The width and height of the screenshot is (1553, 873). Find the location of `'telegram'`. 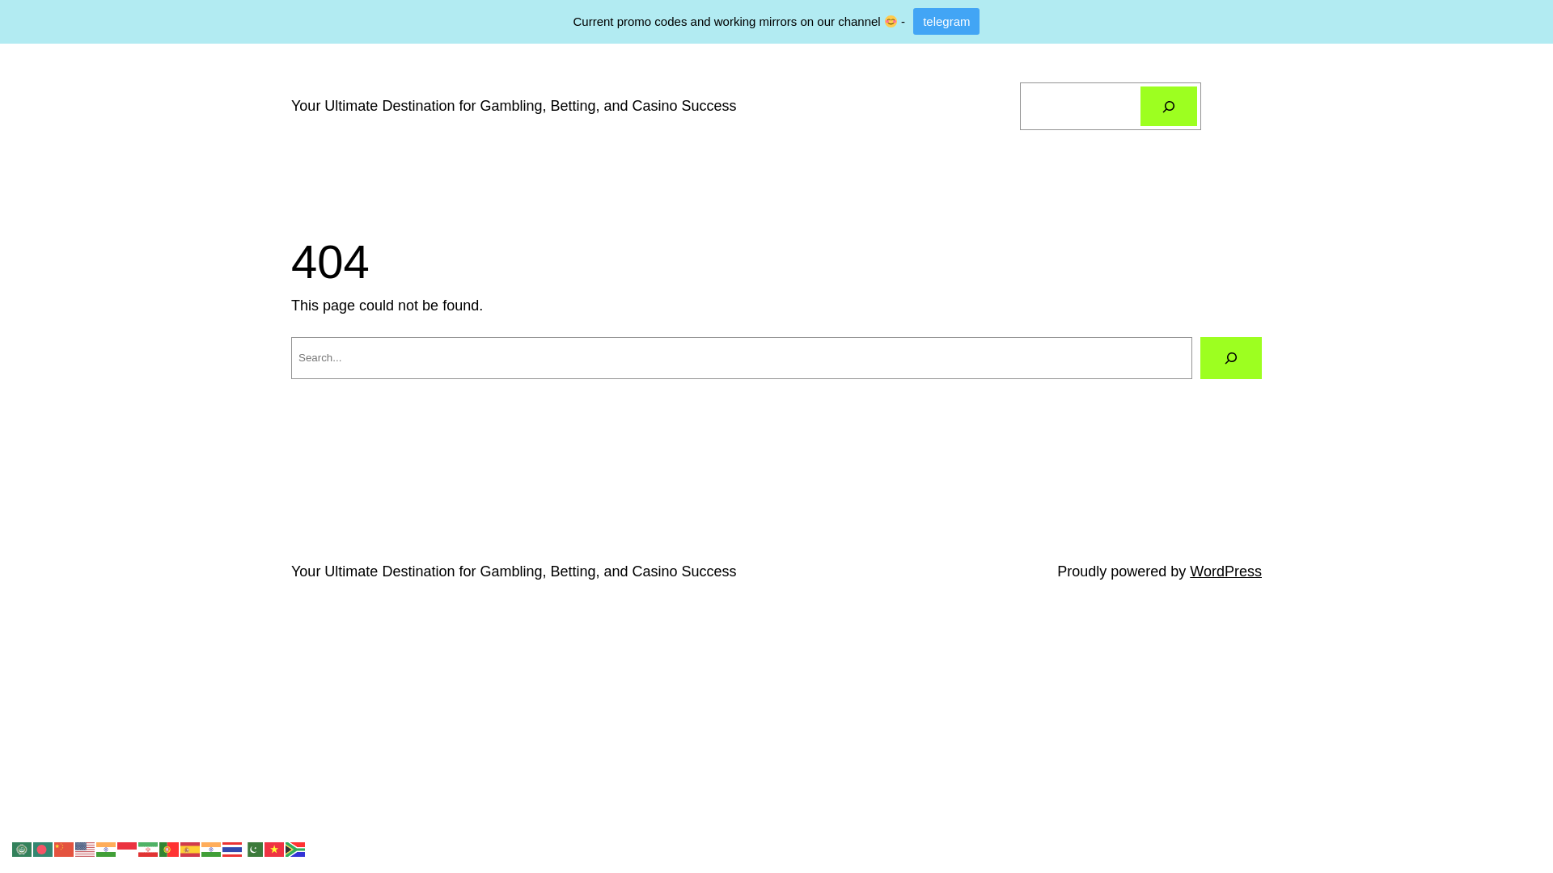

'telegram' is located at coordinates (946, 21).